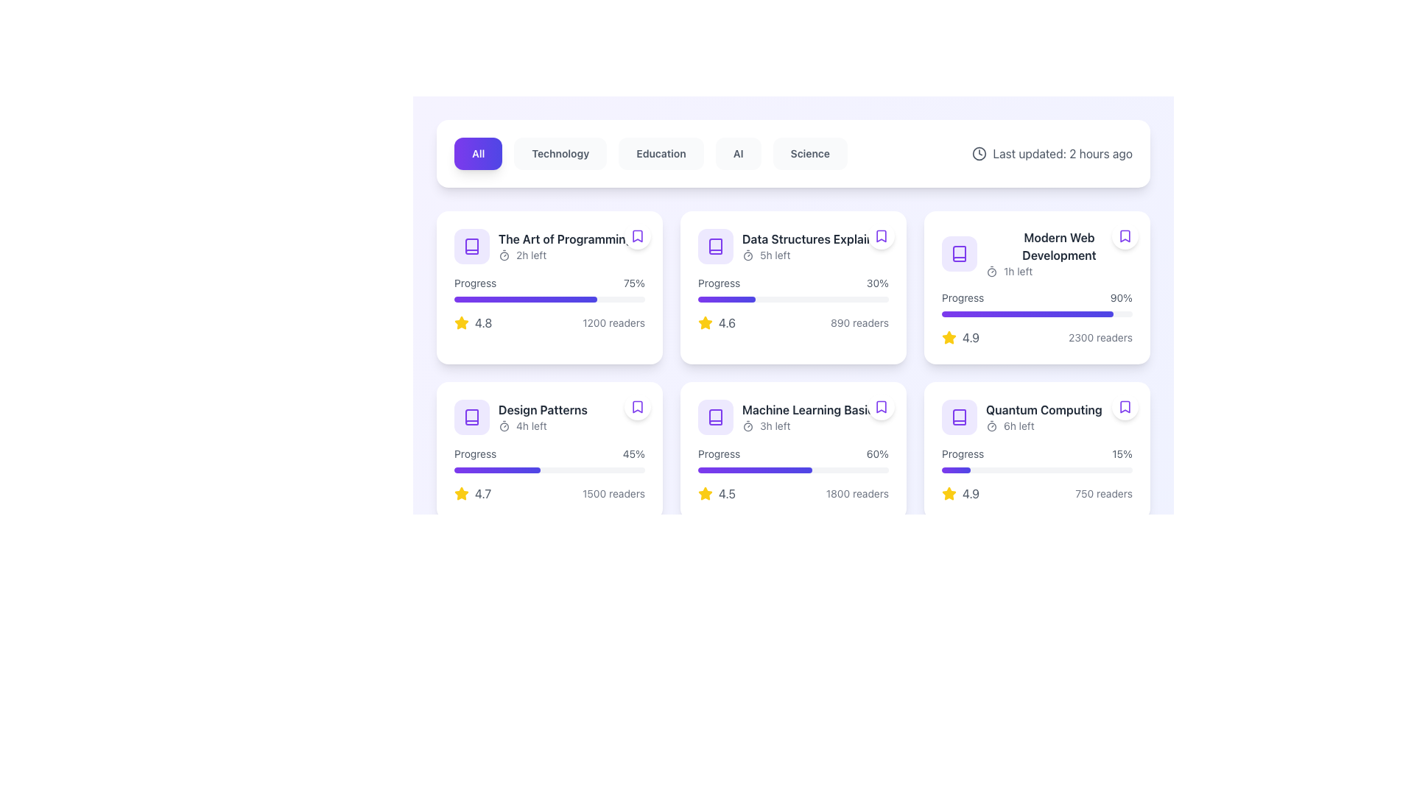 The width and height of the screenshot is (1414, 795). Describe the element at coordinates (497, 470) in the screenshot. I see `the progress visually of the progress bar fill component, which is a gradient fill from violet to indigo, indicating 45% progress in the 'Design Patterns' section` at that location.